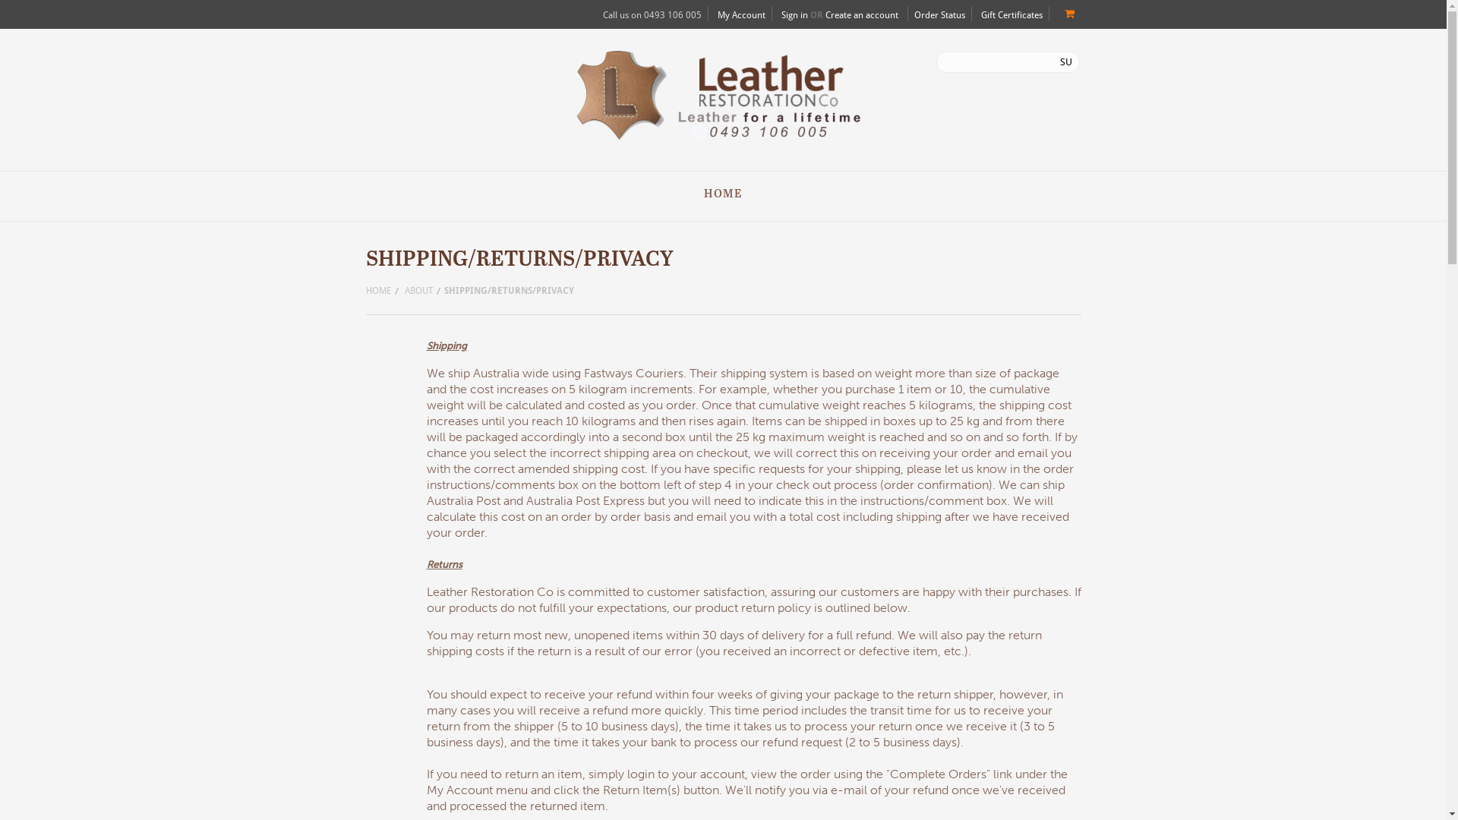  What do you see at coordinates (740, 14) in the screenshot?
I see `'My Account'` at bounding box center [740, 14].